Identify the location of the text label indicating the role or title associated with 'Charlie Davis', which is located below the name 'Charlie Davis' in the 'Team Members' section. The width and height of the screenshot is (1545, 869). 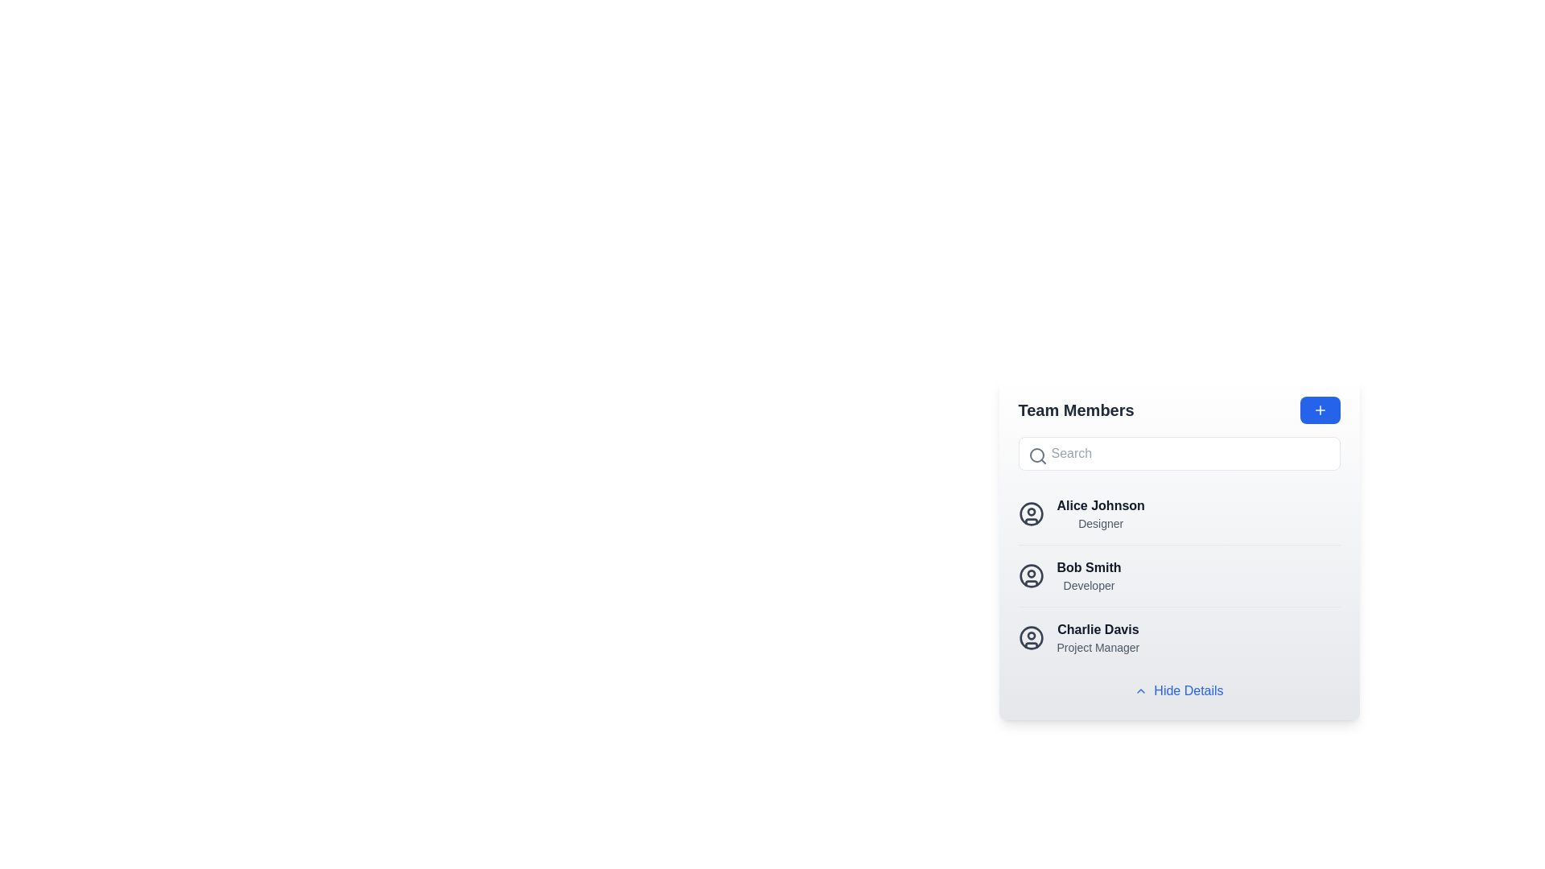
(1097, 647).